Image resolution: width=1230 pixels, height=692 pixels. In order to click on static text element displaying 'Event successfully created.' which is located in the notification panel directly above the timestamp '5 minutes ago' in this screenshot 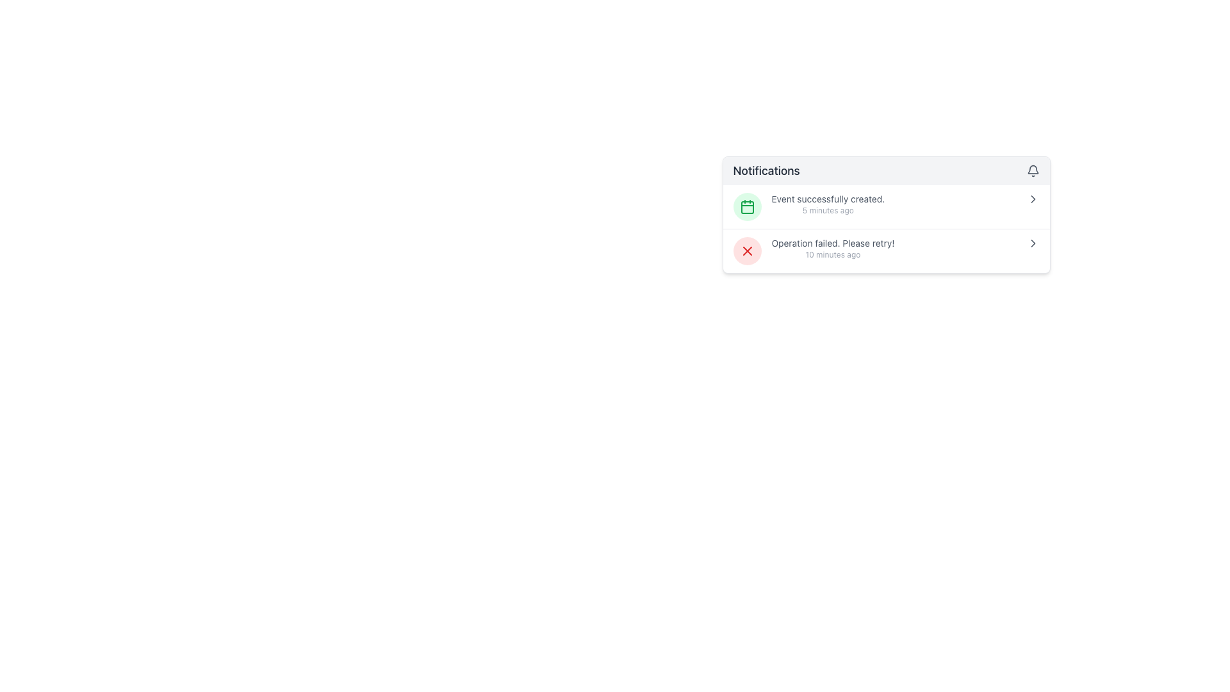, I will do `click(828, 199)`.